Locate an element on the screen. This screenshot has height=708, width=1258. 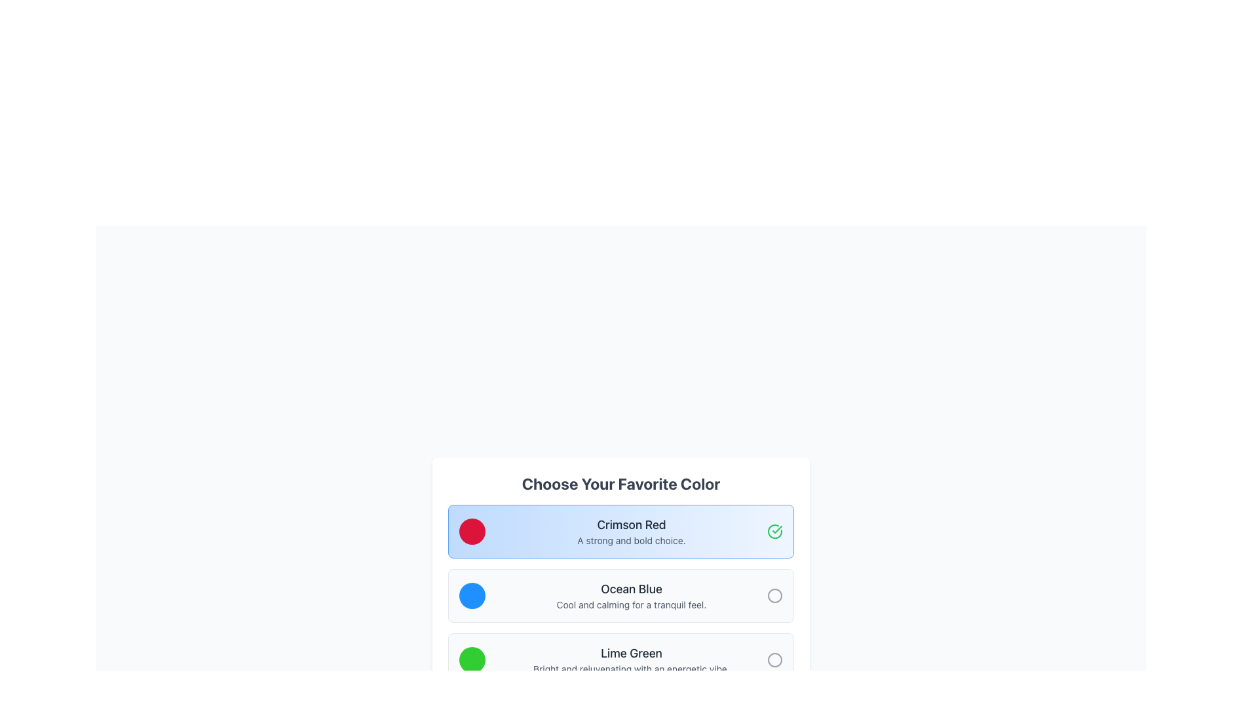
the circular checkbox indicator for the 'Ocean Blue' option is located at coordinates (774, 596).